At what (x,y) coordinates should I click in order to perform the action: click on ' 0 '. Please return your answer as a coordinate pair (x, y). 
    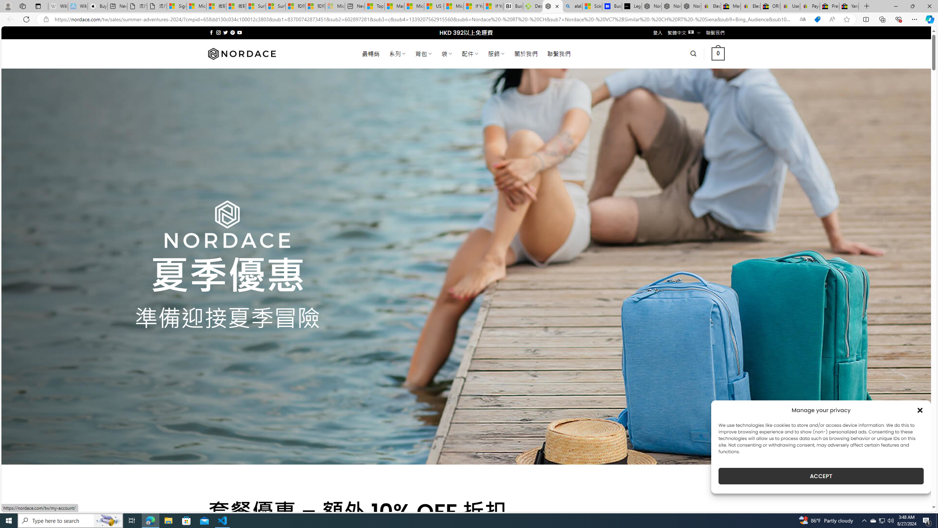
    Looking at the image, I should click on (718, 53).